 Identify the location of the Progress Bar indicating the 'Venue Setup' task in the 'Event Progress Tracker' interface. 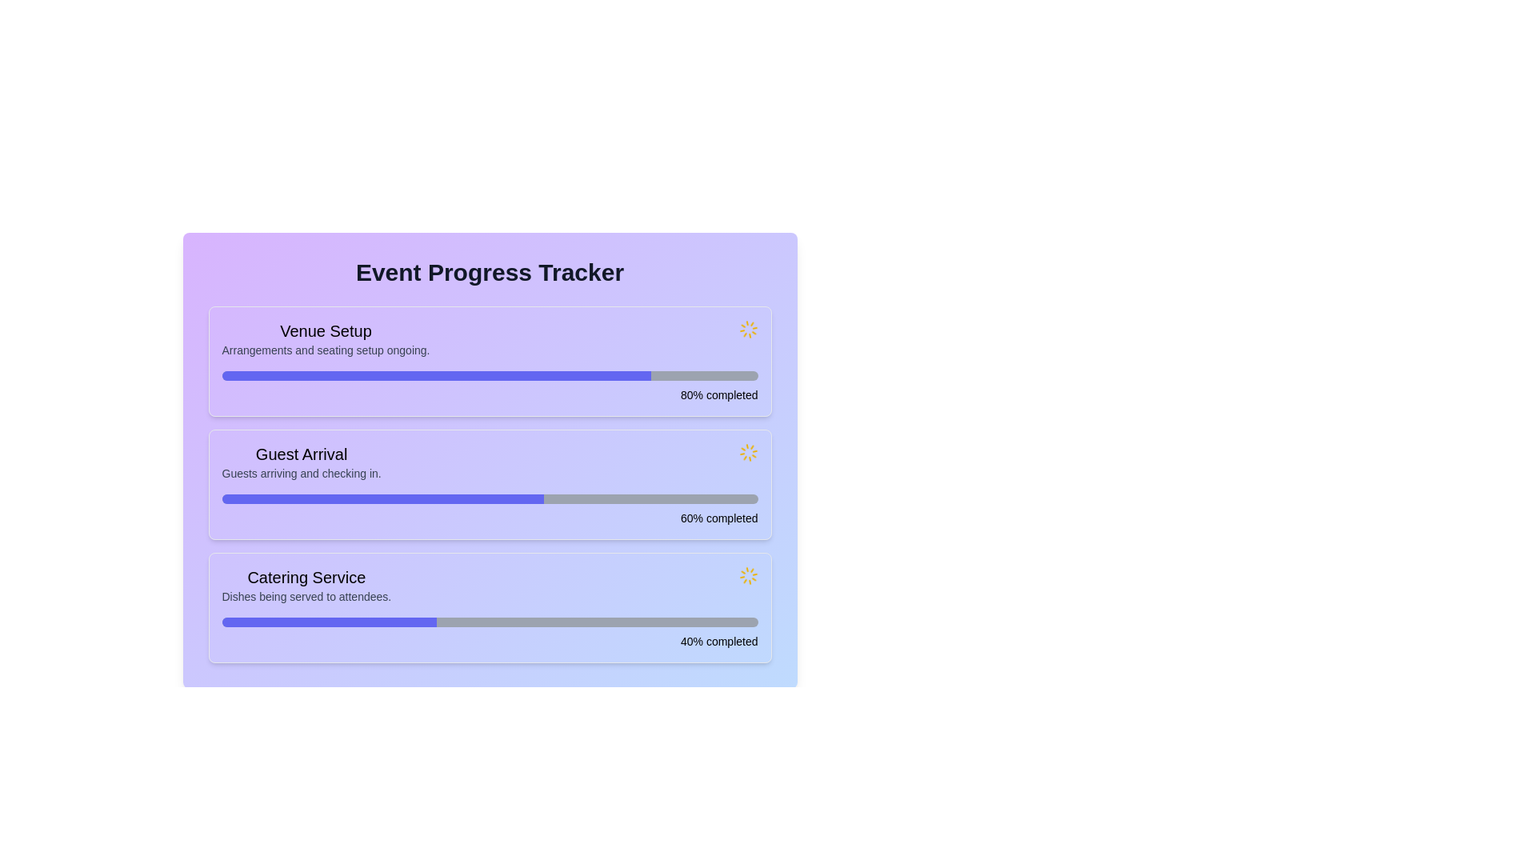
(436, 376).